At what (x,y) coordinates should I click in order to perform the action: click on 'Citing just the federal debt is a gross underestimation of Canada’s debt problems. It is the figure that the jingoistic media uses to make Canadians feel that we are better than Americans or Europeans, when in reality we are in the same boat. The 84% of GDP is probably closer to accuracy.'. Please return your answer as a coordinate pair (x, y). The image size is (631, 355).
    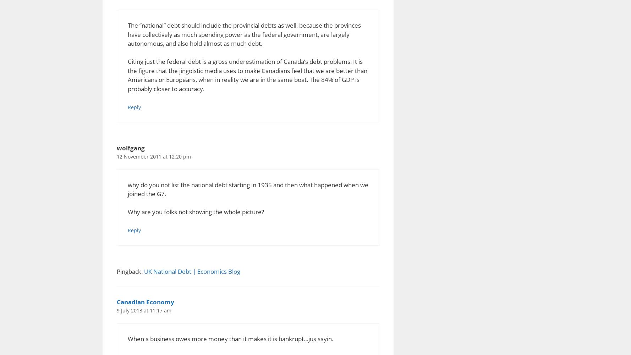
    Looking at the image, I should click on (247, 75).